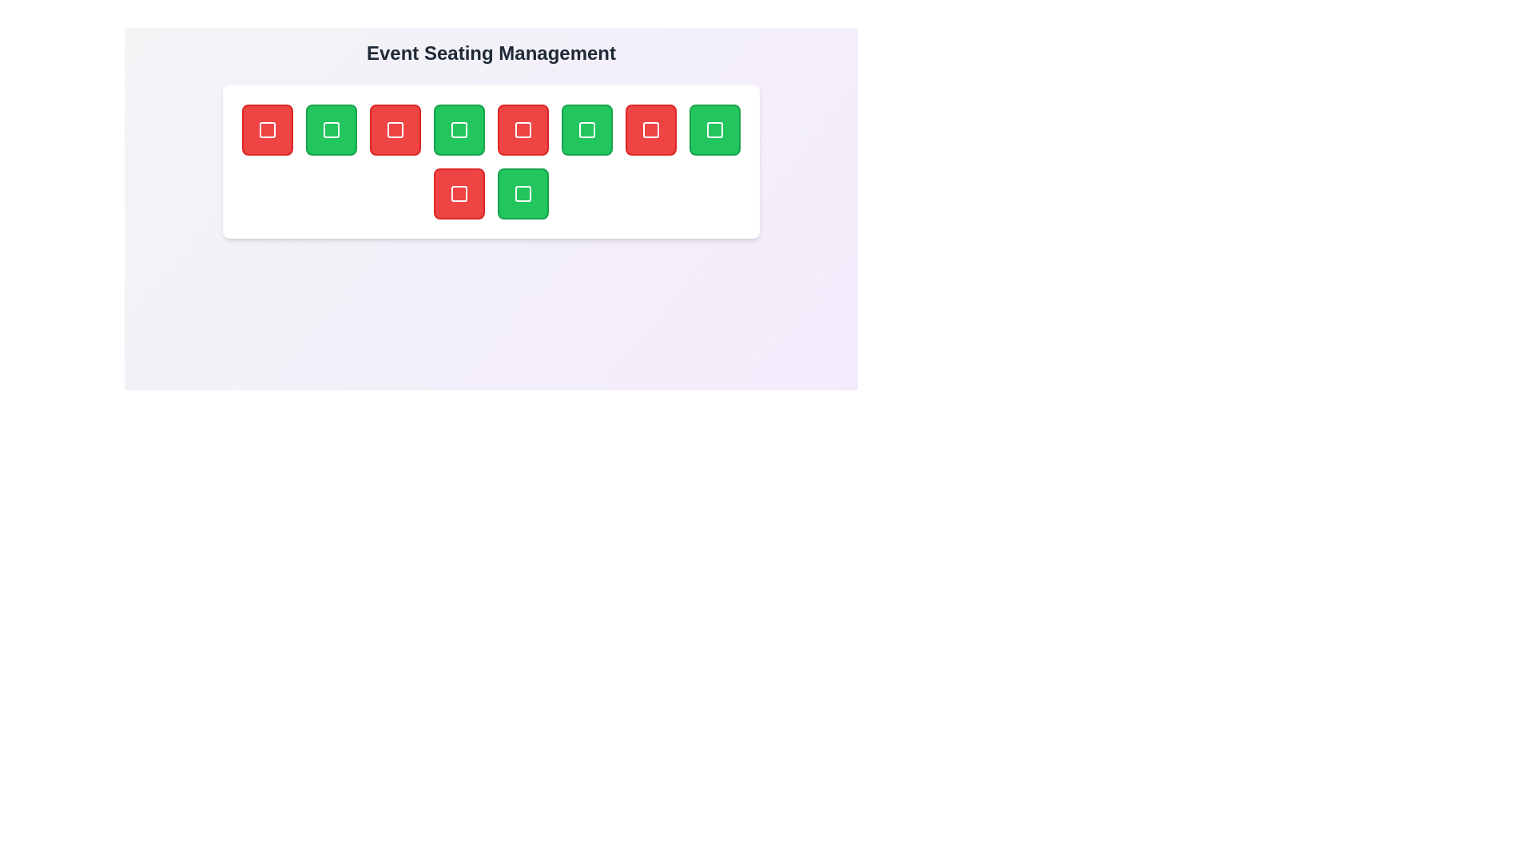  What do you see at coordinates (523, 129) in the screenshot?
I see `the icon located centrally within the red button labeled 'Seat 5'` at bounding box center [523, 129].